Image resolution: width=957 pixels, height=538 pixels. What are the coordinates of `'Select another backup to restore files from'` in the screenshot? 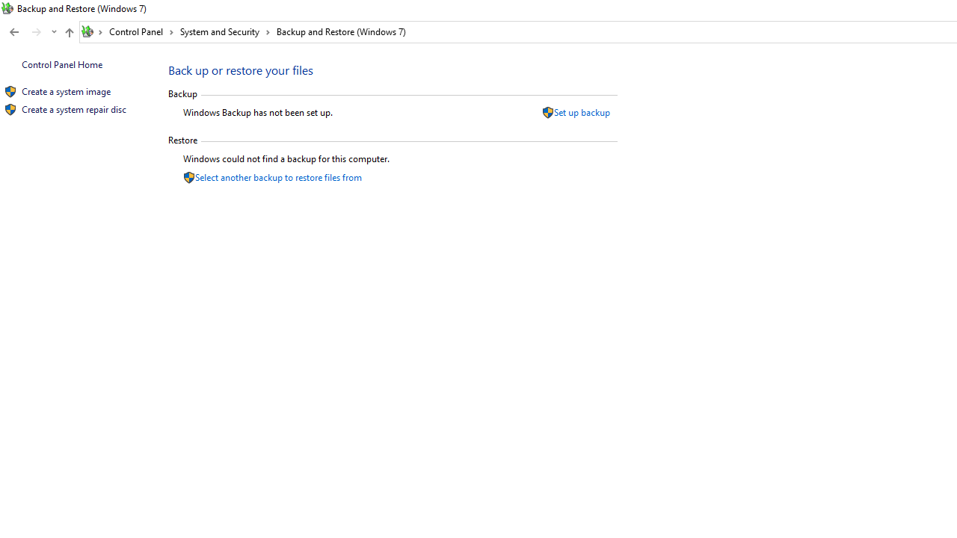 It's located at (278, 176).